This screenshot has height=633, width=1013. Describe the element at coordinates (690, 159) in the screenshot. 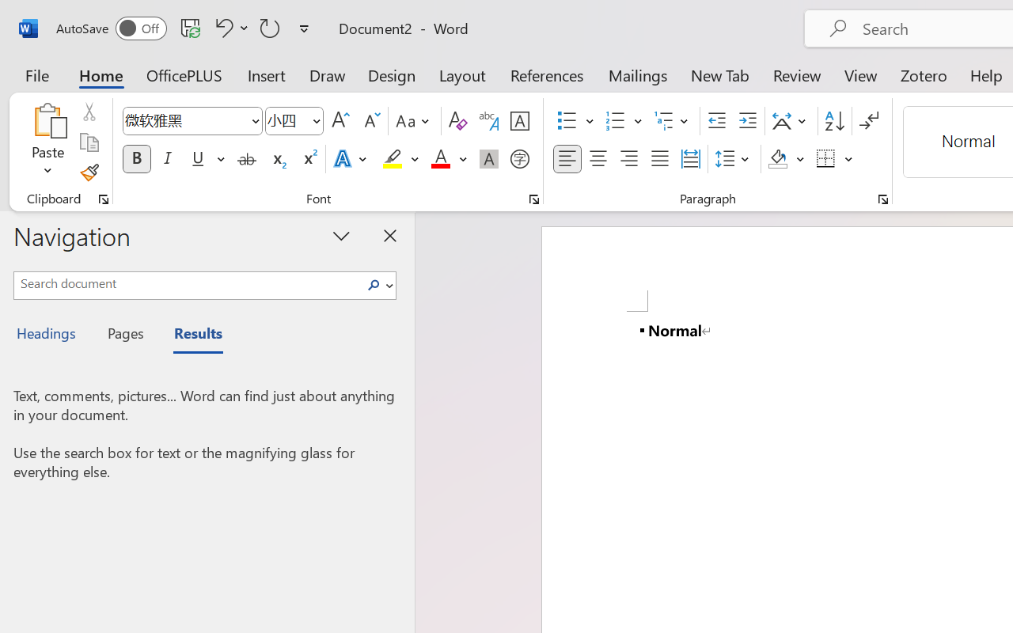

I see `'Distributed'` at that location.